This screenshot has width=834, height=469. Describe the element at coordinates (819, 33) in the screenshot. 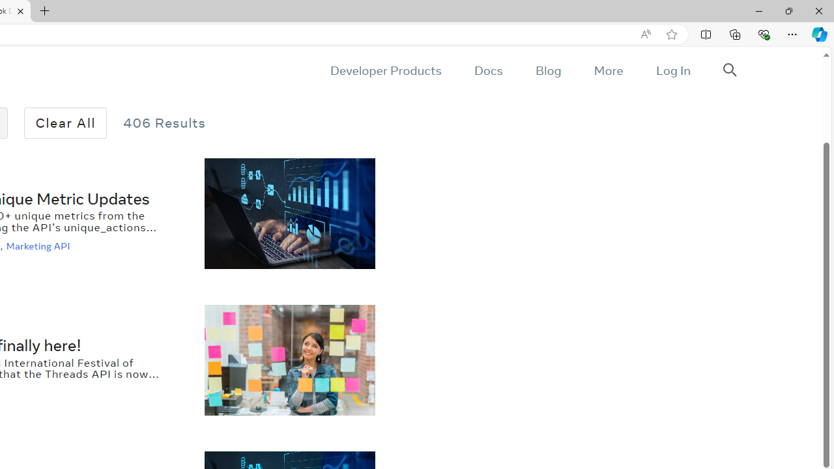

I see `'Copilot (Ctrl+Shift+.)'` at that location.